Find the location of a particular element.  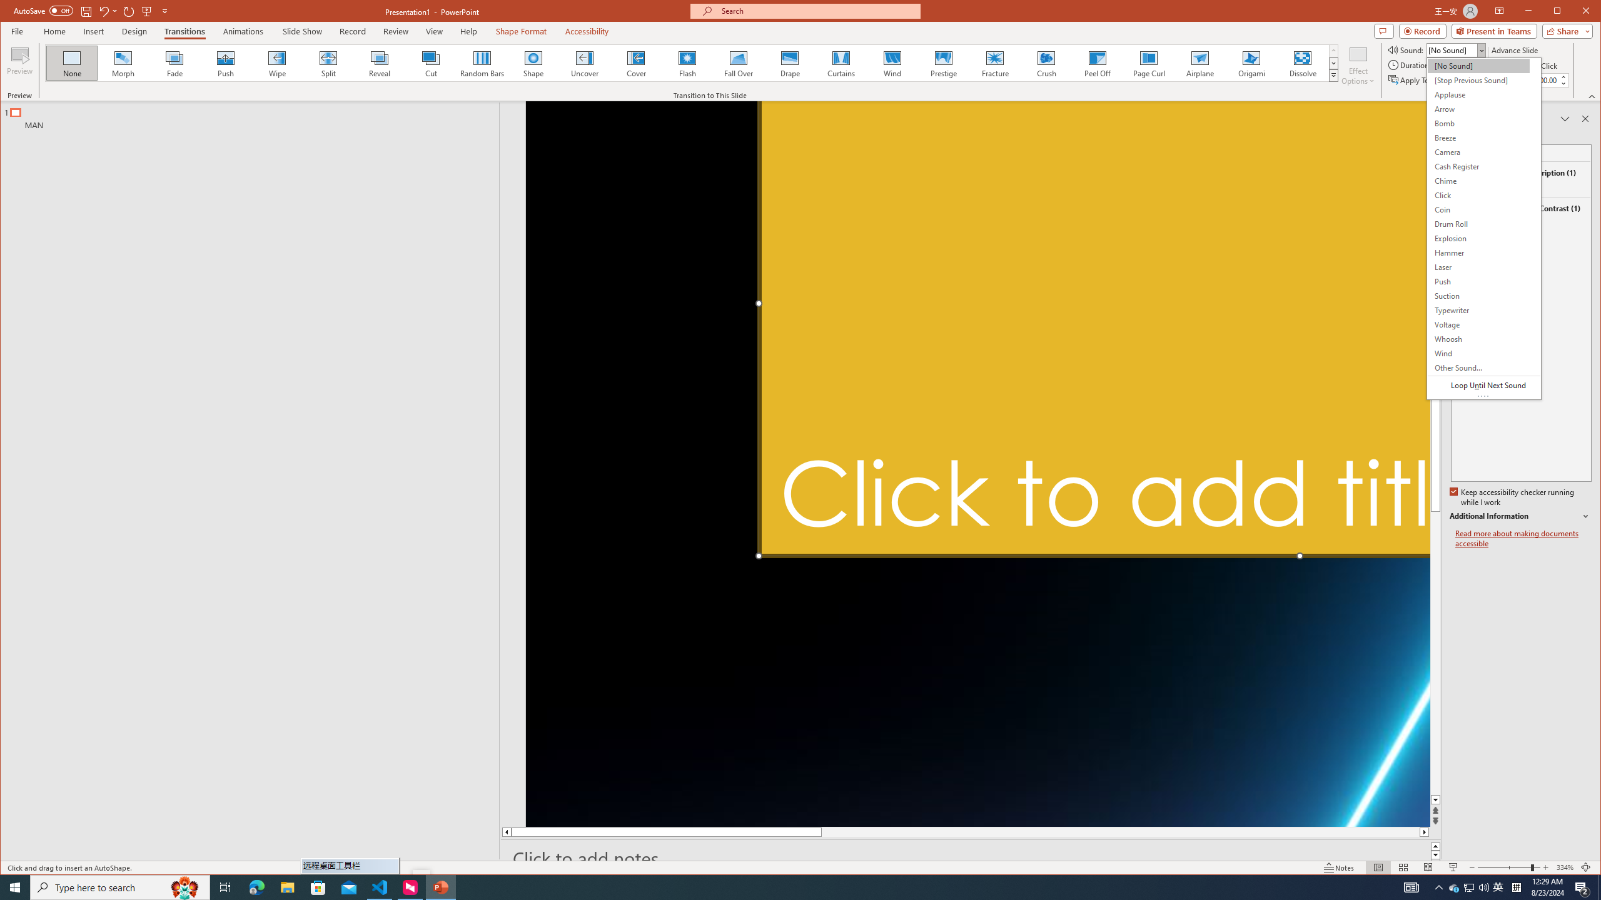

'From Beginning' is located at coordinates (146, 10).